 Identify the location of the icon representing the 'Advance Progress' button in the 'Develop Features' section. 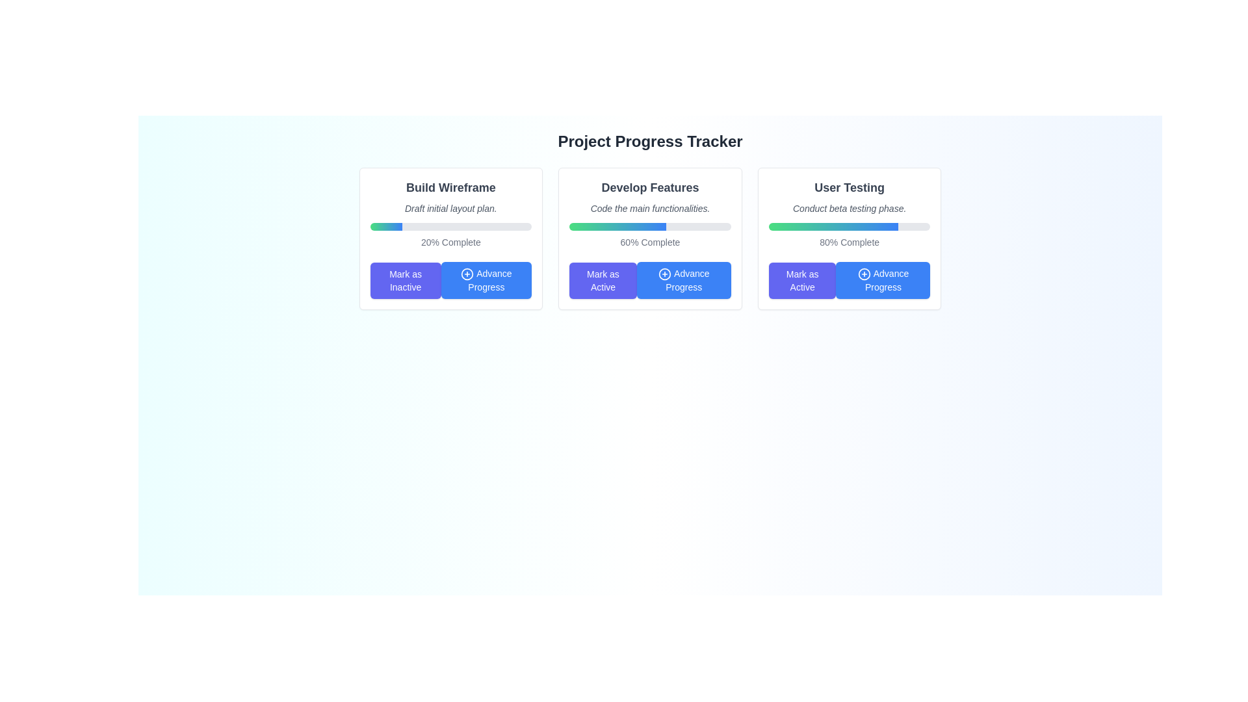
(664, 274).